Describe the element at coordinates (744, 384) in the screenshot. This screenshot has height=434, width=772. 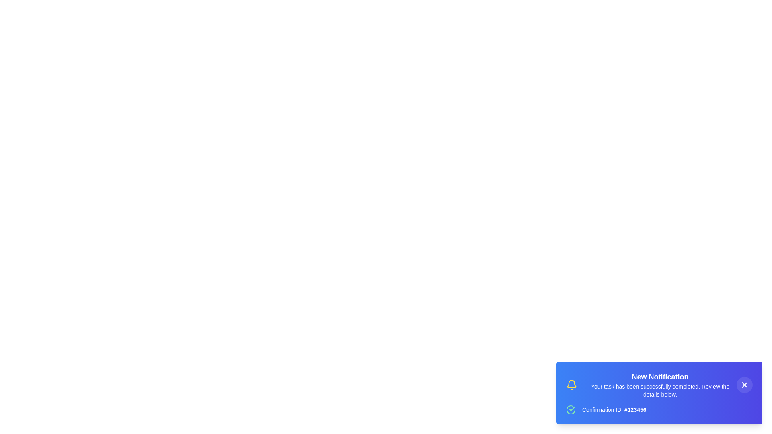
I see `the Close button icon located at the top-right corner of the notification card` at that location.